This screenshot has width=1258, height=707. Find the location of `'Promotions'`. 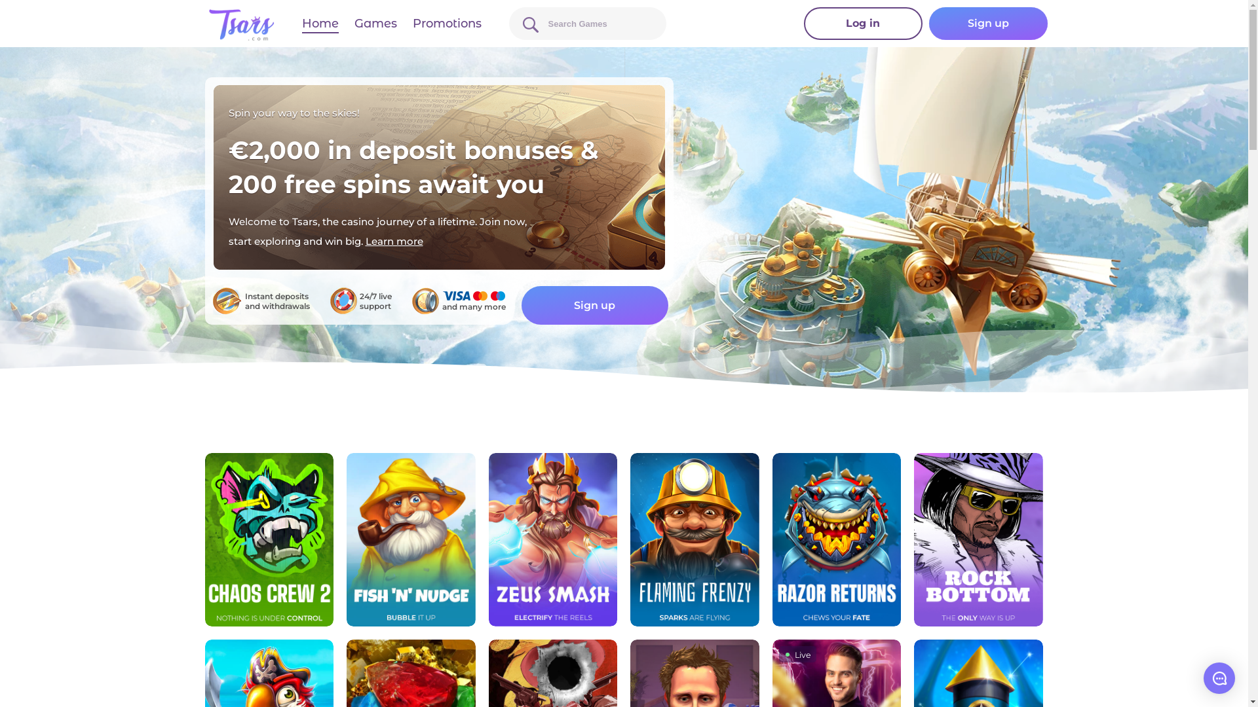

'Promotions' is located at coordinates (447, 23).